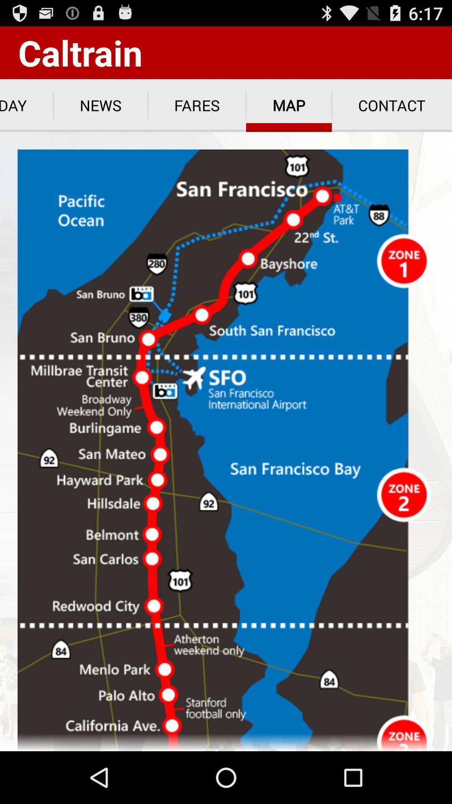 The width and height of the screenshot is (452, 804). What do you see at coordinates (26, 105) in the screenshot?
I see `today` at bounding box center [26, 105].